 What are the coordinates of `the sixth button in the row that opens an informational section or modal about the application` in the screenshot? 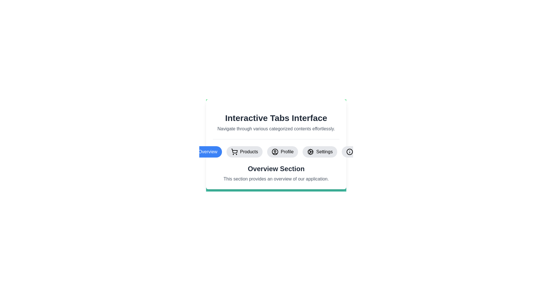 It's located at (354, 152).